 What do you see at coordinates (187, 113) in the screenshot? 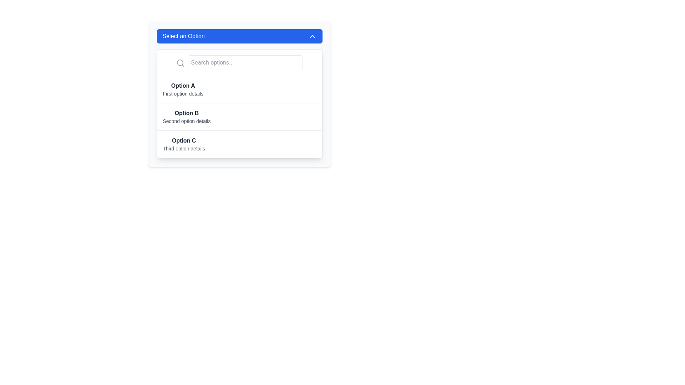
I see `the bold text label 'Option B' displayed in dark gray within the dropdown menu, which serves as the main label for the second option` at bounding box center [187, 113].